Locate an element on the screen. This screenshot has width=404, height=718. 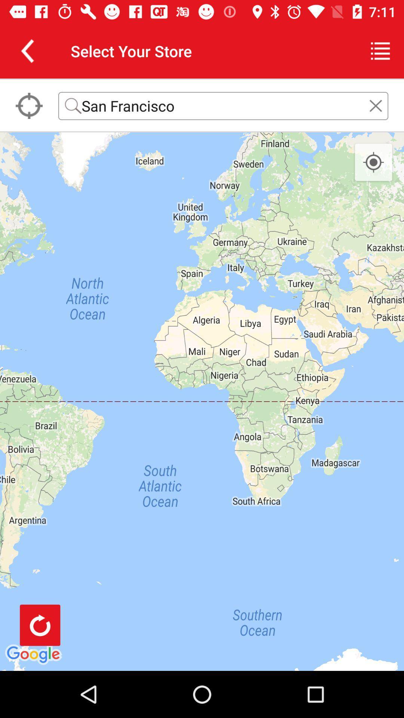
icon to the right of the select your store item is located at coordinates (380, 50).